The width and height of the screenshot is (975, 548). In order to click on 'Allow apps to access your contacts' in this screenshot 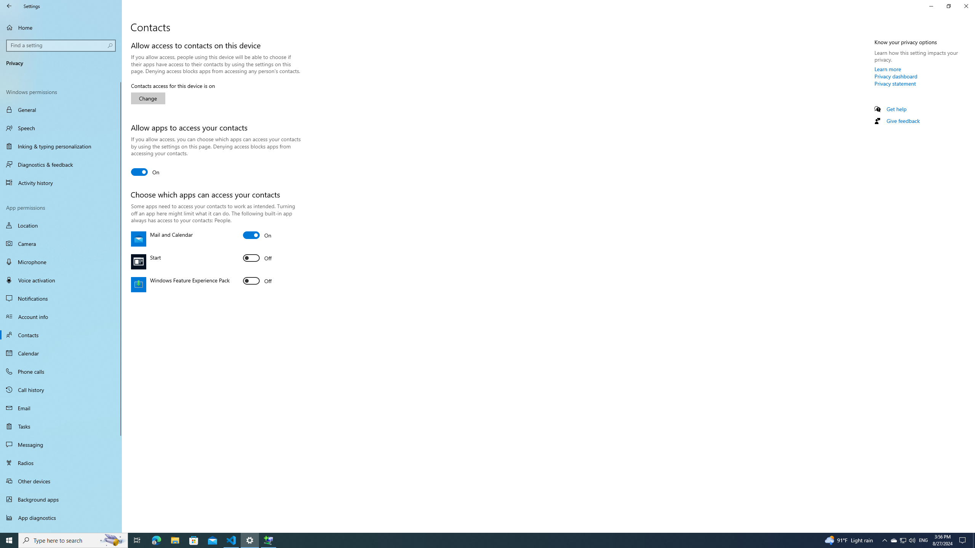, I will do `click(145, 172)`.